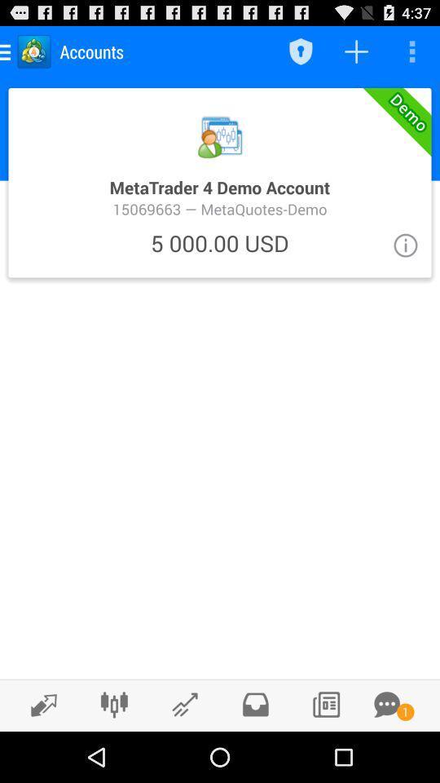 The width and height of the screenshot is (440, 783). What do you see at coordinates (113, 704) in the screenshot?
I see `adjust settings` at bounding box center [113, 704].